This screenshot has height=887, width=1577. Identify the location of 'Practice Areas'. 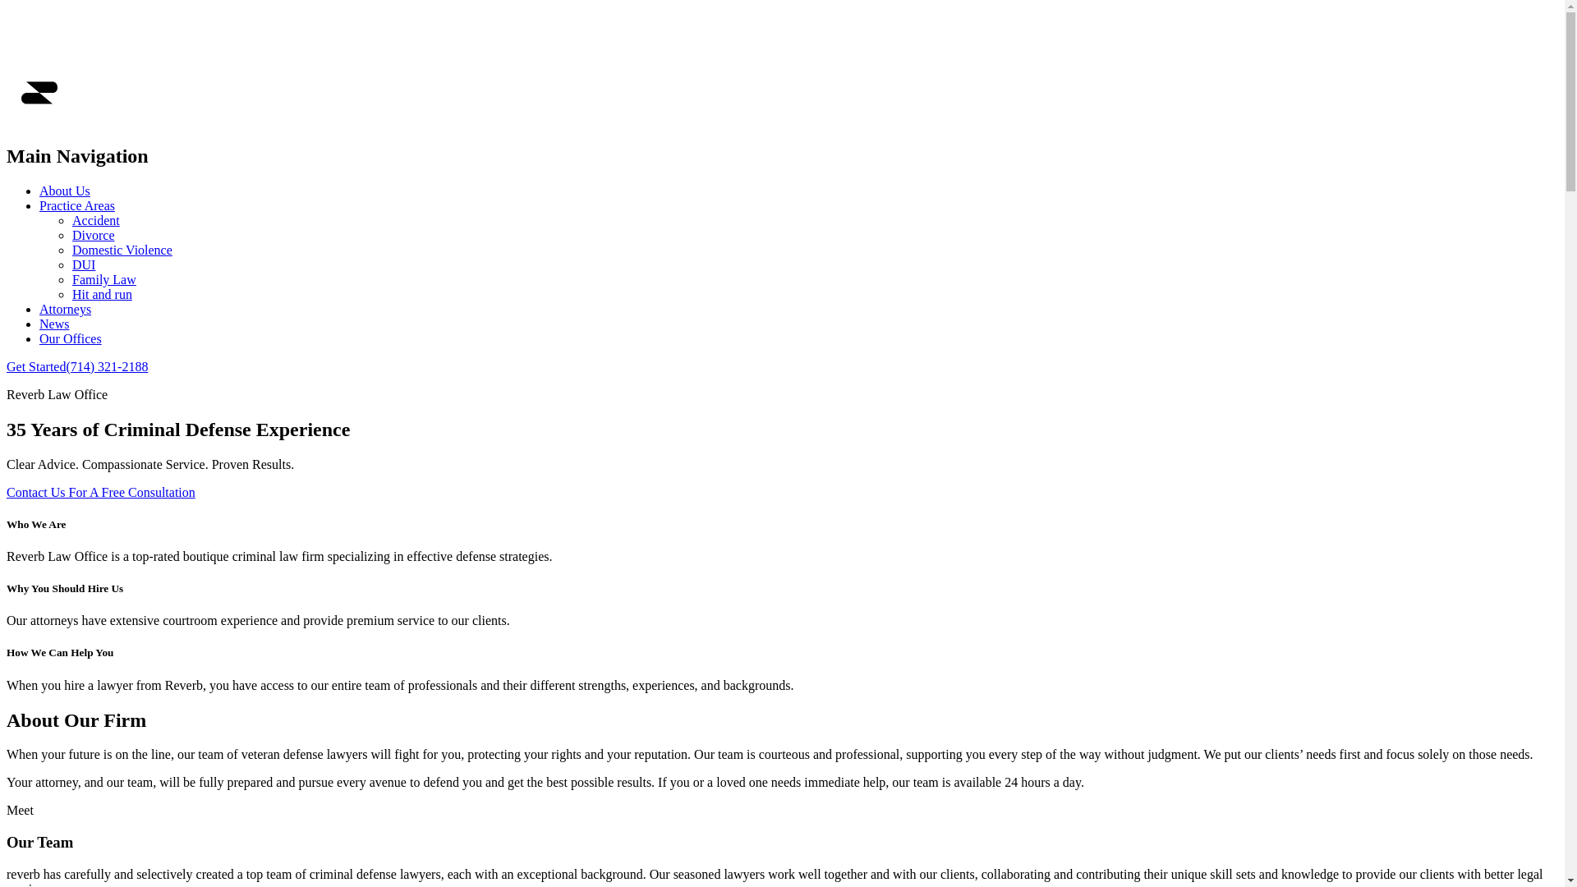
(39, 205).